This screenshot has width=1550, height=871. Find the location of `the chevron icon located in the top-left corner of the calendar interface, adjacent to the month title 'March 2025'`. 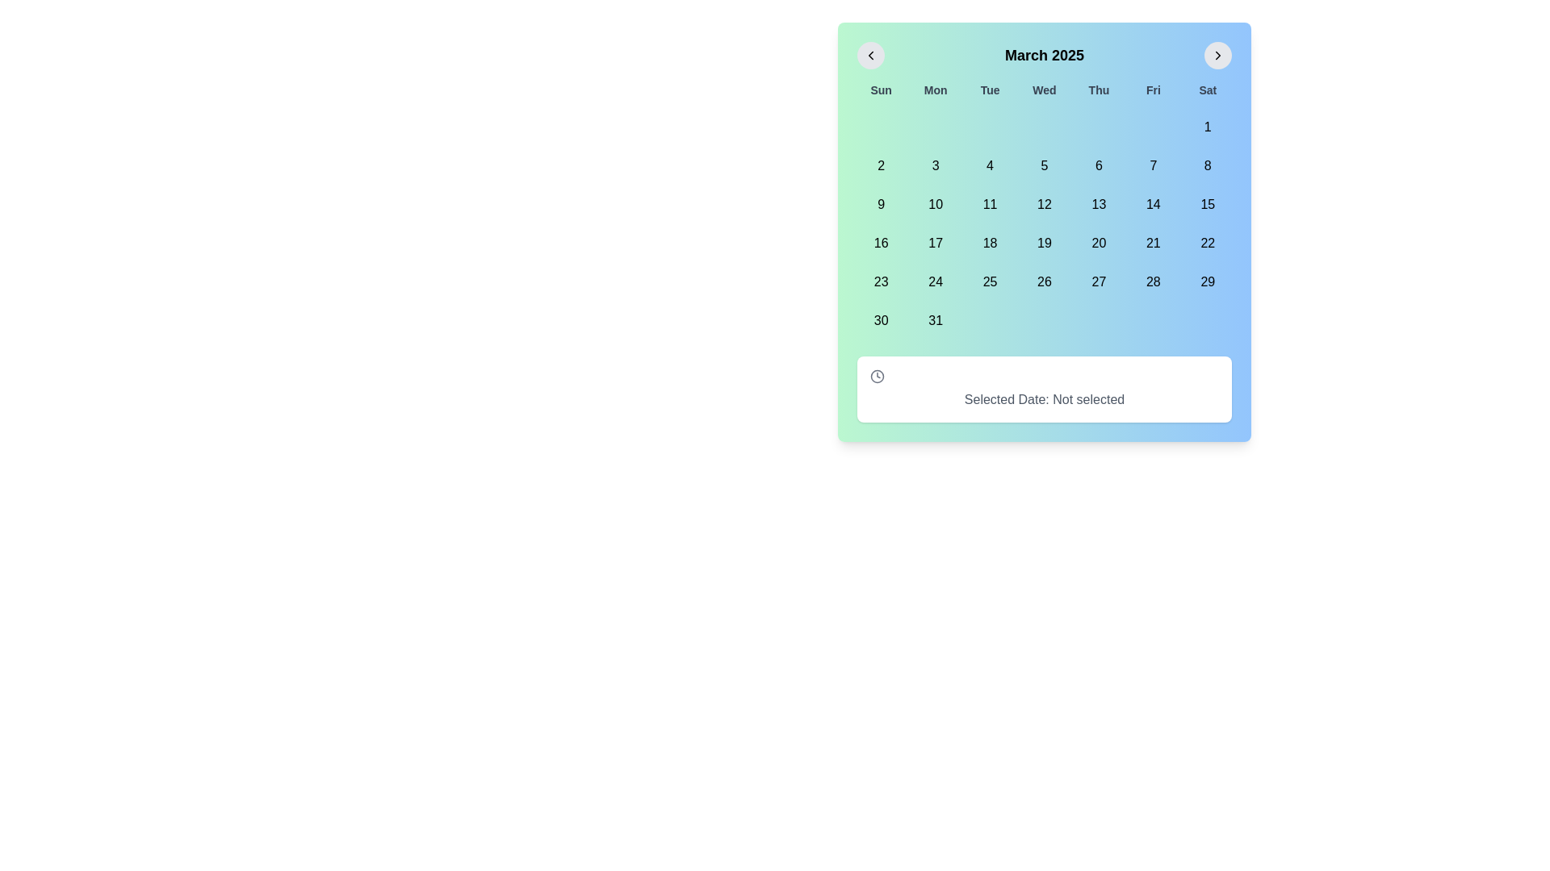

the chevron icon located in the top-left corner of the calendar interface, adjacent to the month title 'March 2025' is located at coordinates (870, 55).